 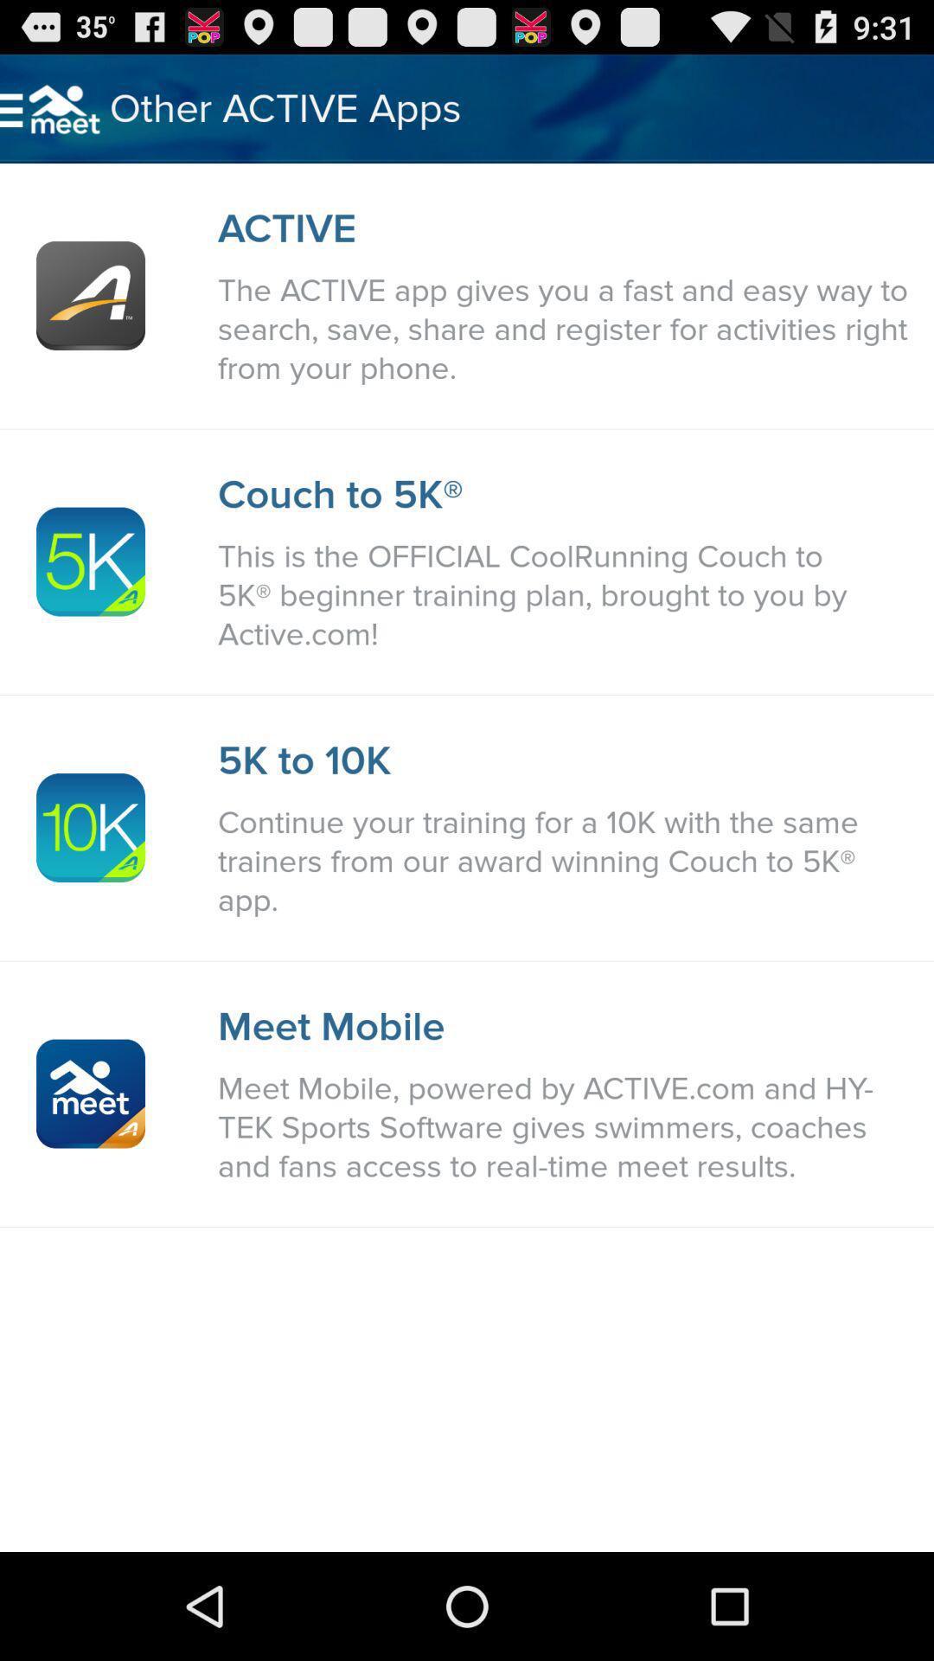 What do you see at coordinates (566, 595) in the screenshot?
I see `icon above the 5k to 10k item` at bounding box center [566, 595].